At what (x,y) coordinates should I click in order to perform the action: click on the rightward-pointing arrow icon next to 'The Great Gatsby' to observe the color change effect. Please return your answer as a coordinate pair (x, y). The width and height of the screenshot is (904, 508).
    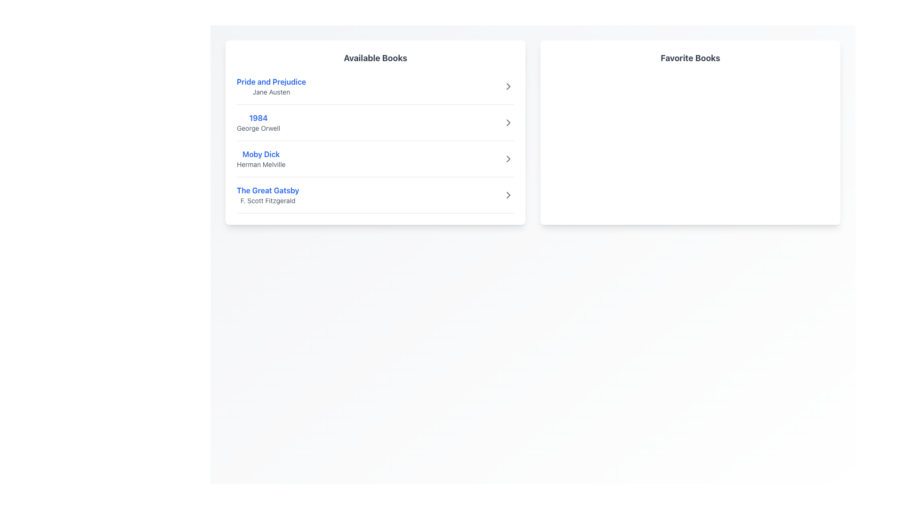
    Looking at the image, I should click on (508, 195).